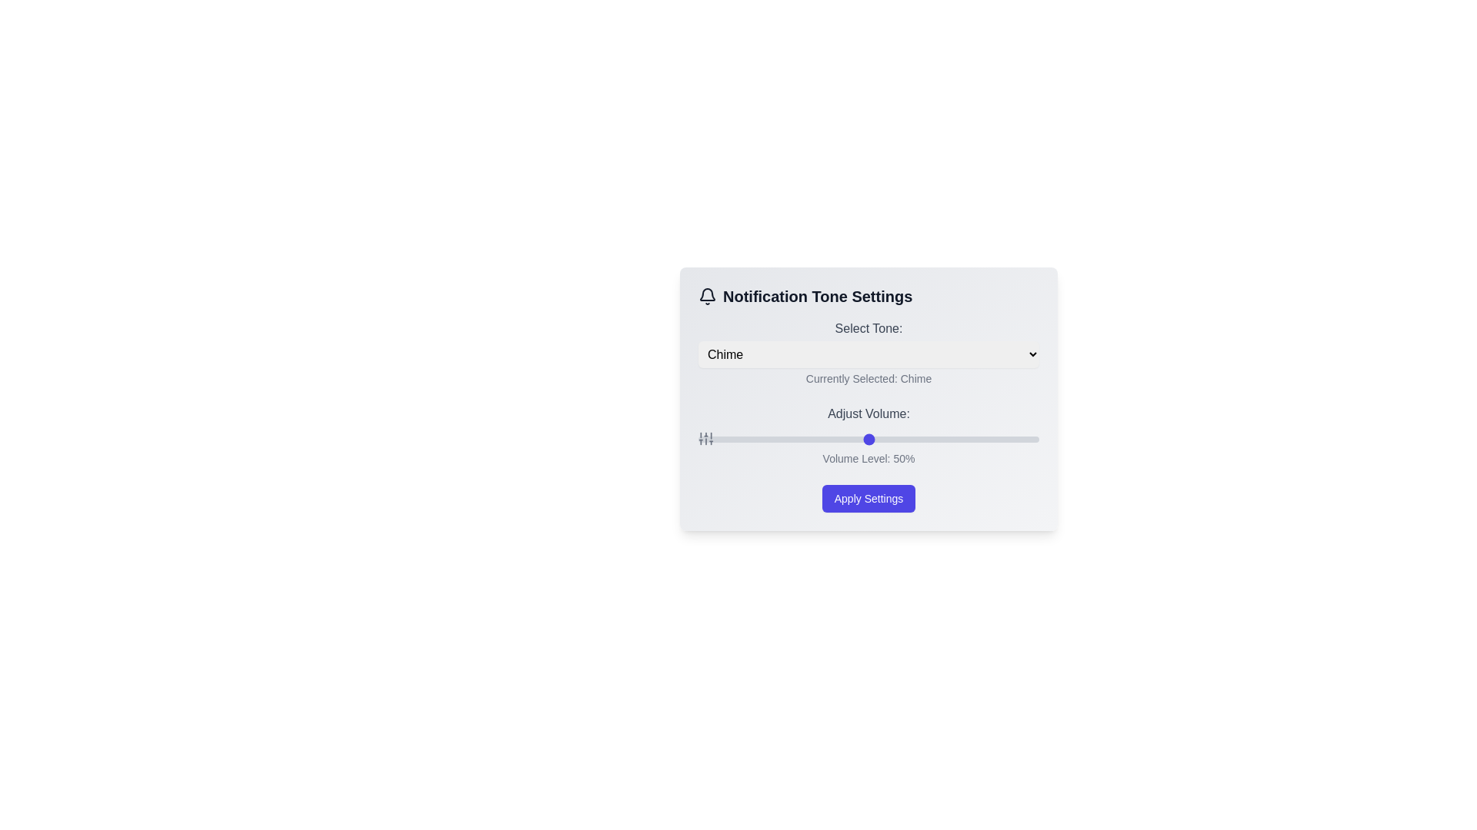  Describe the element at coordinates (925, 439) in the screenshot. I see `the volume level` at that location.